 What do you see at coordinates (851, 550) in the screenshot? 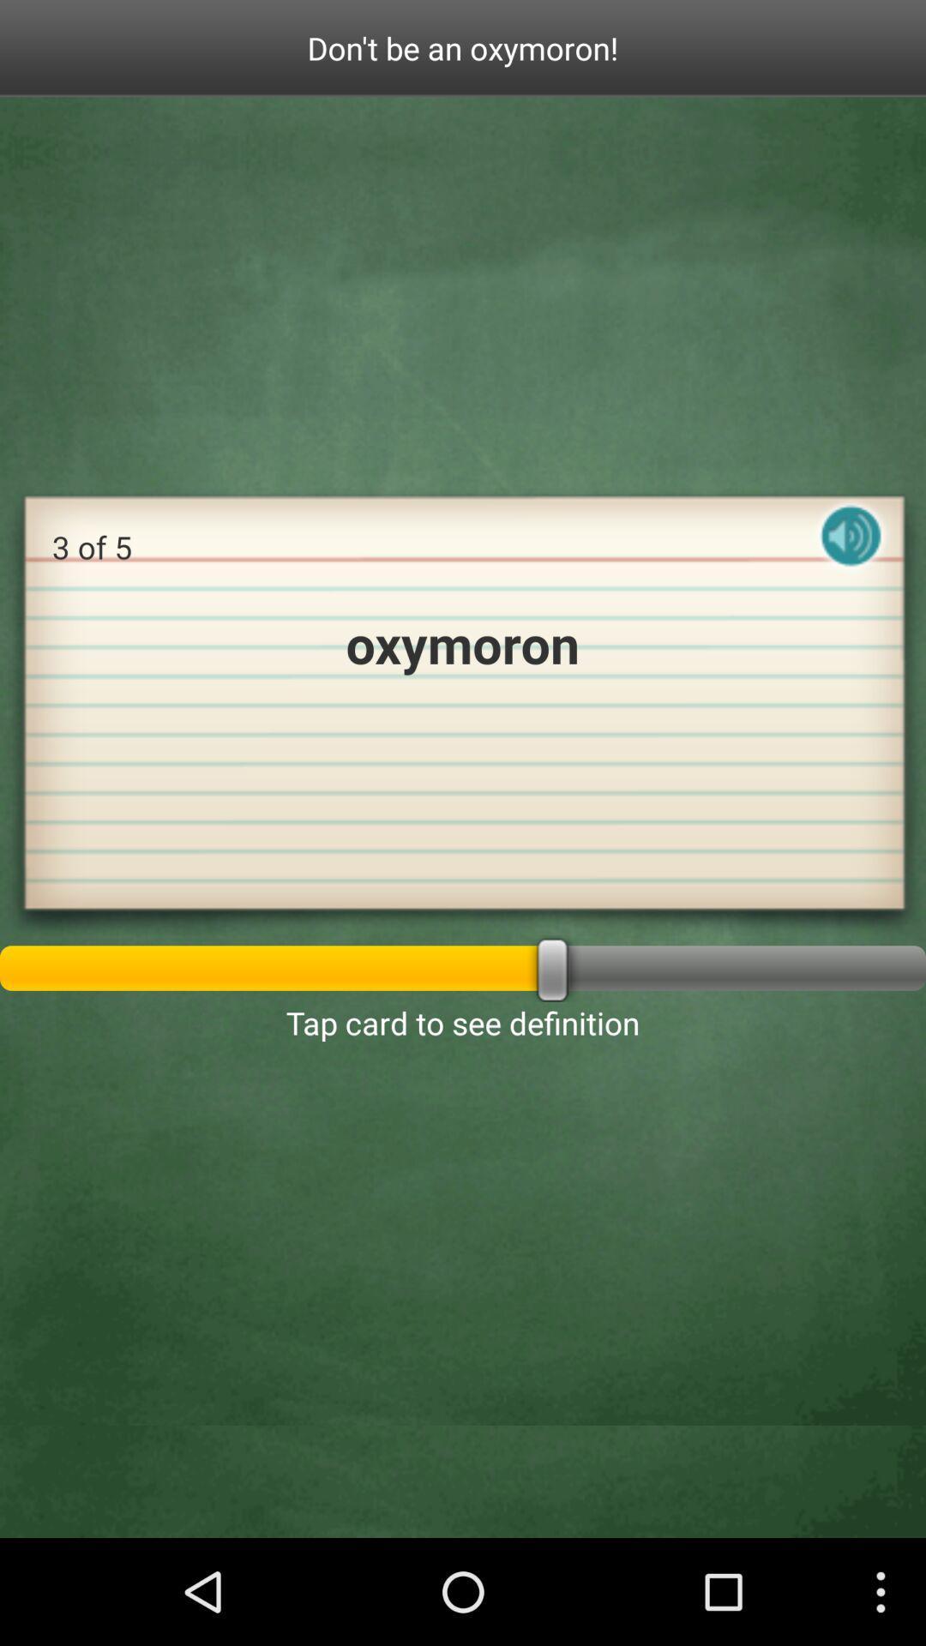
I see `sound` at bounding box center [851, 550].